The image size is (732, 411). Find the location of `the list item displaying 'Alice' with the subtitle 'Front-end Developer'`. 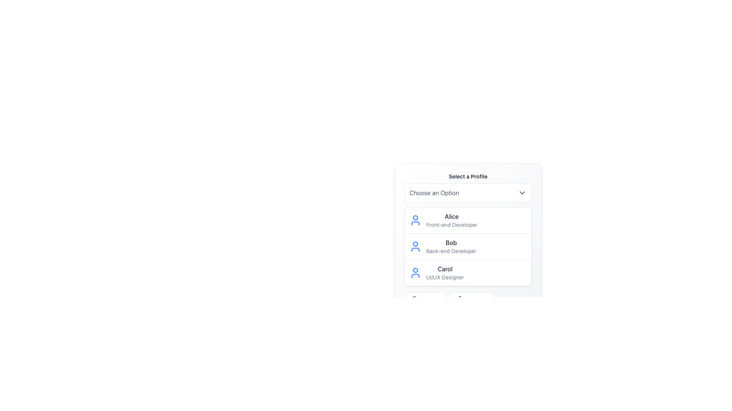

the list item displaying 'Alice' with the subtitle 'Front-end Developer' is located at coordinates (452, 220).